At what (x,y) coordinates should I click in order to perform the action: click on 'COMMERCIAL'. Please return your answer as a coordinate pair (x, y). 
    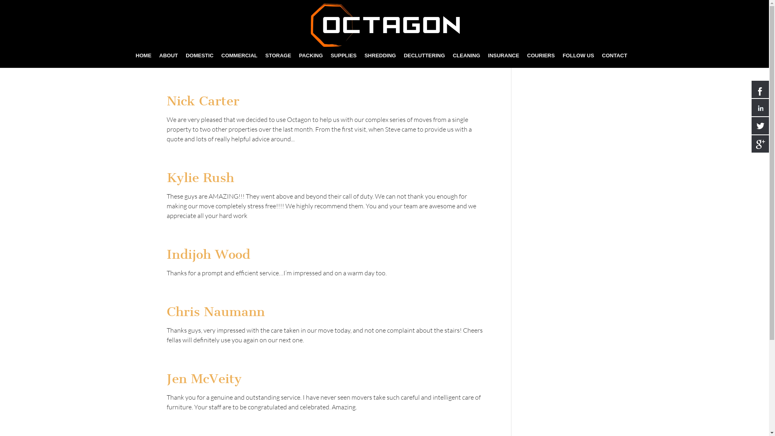
    Looking at the image, I should click on (239, 60).